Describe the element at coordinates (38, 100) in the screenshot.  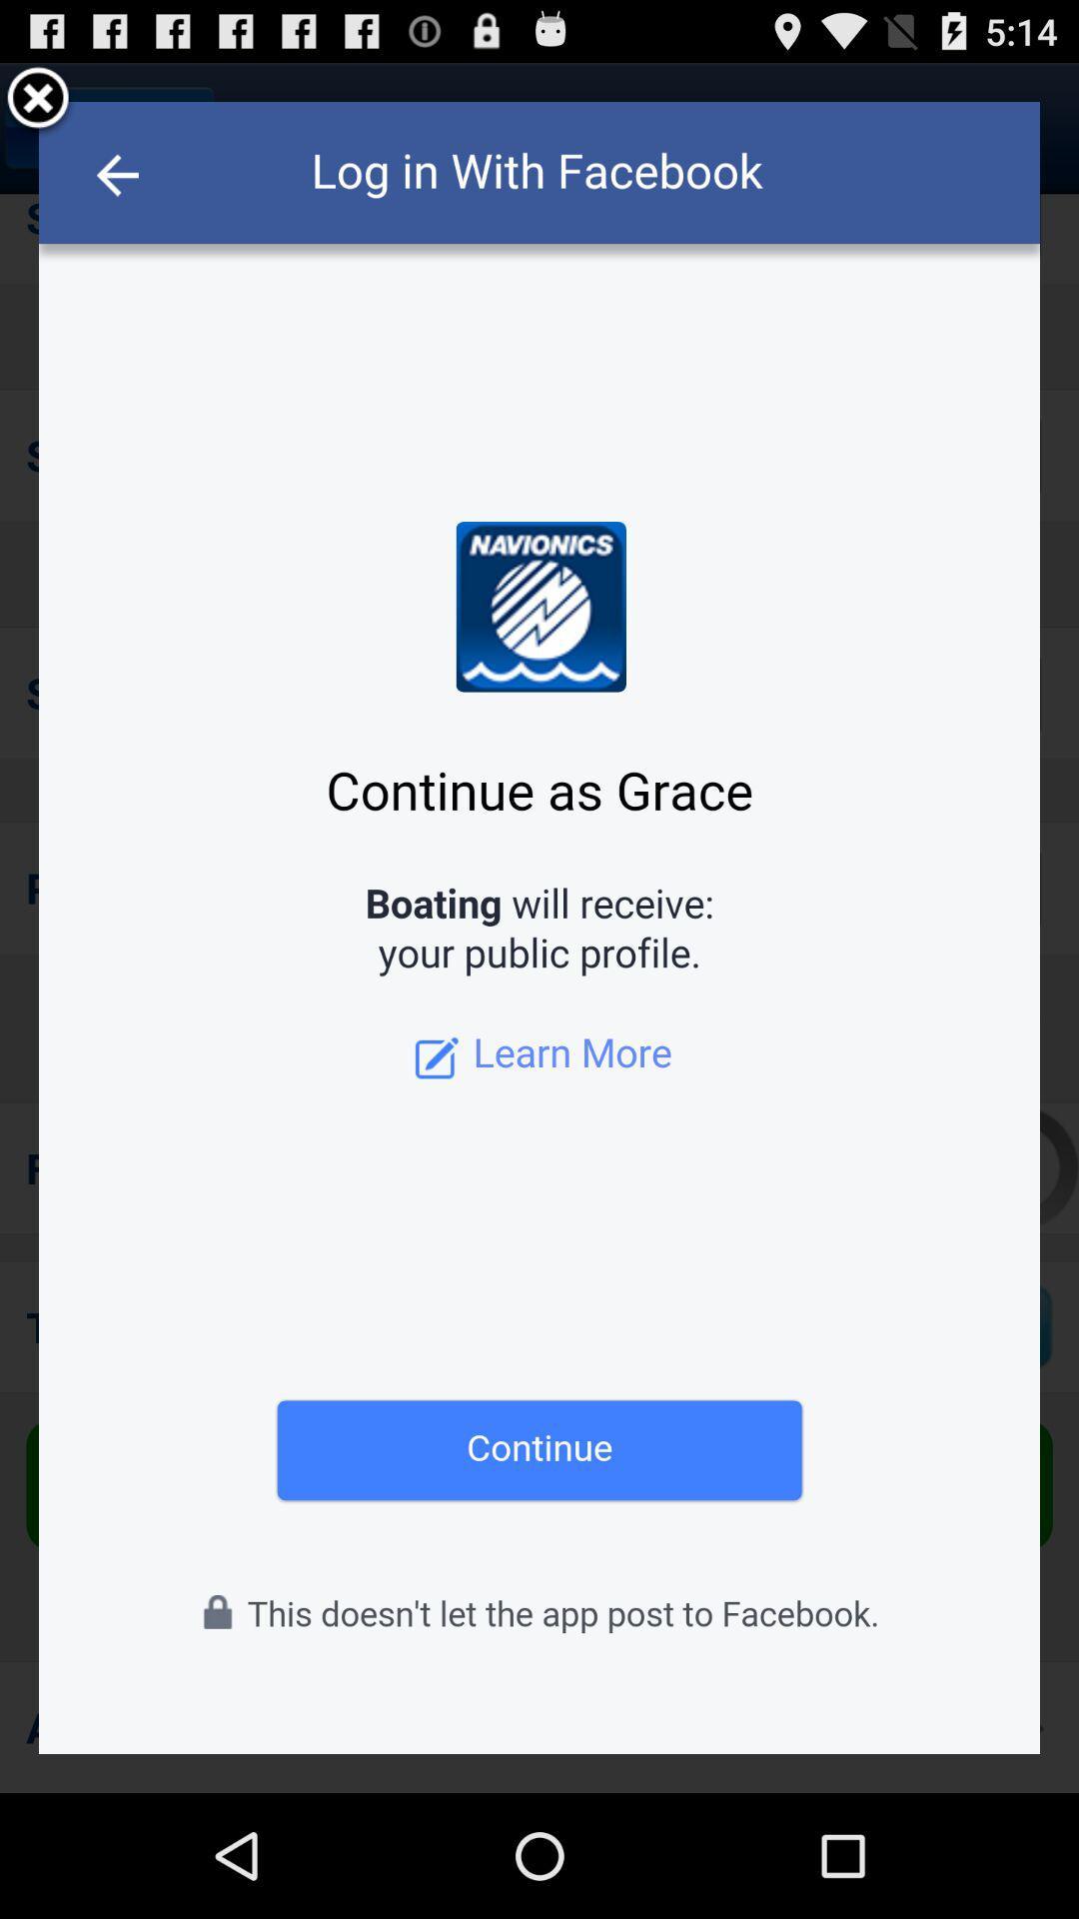
I see `exit` at that location.